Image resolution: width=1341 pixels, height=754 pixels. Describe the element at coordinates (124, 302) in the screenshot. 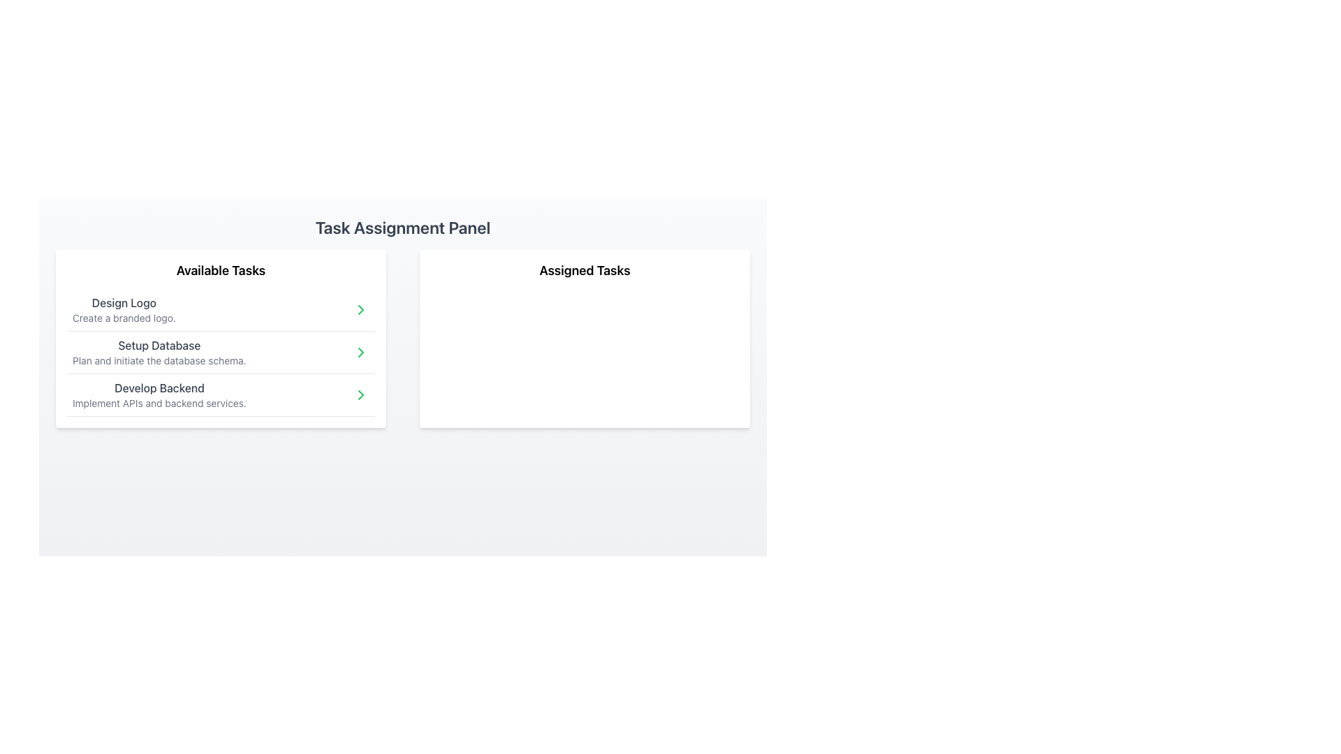

I see `the text label for the first task in the 'Available Tasks' section, which identifies the task related to creating a branded logo` at that location.